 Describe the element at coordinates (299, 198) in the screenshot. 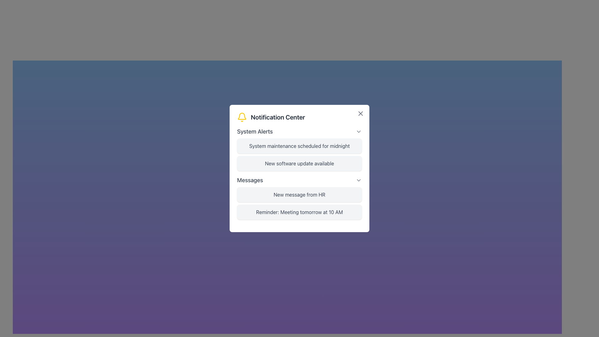

I see `the first notification card under the 'Messages' header` at that location.